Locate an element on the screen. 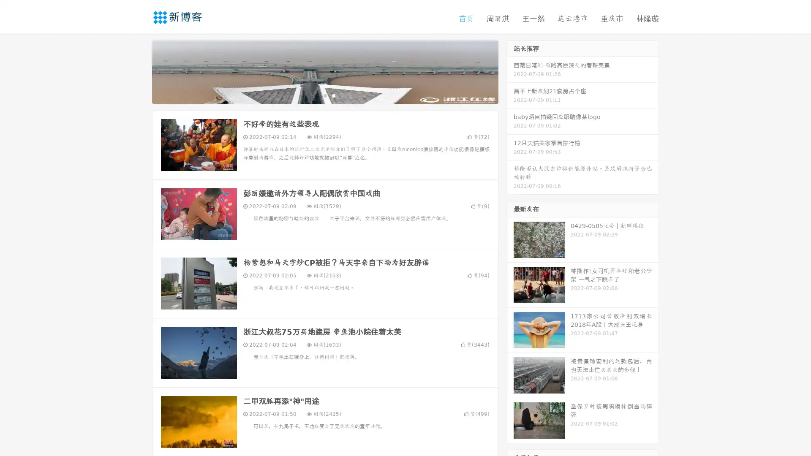  Go to slide 3 is located at coordinates (333, 95).